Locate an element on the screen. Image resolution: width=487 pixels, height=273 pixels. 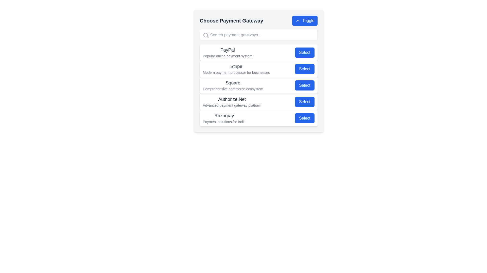
informational text field that contains the title 'Square' and the description 'Comprehensive commerce ecosystem' located in the middle section of the interface is located at coordinates (233, 85).